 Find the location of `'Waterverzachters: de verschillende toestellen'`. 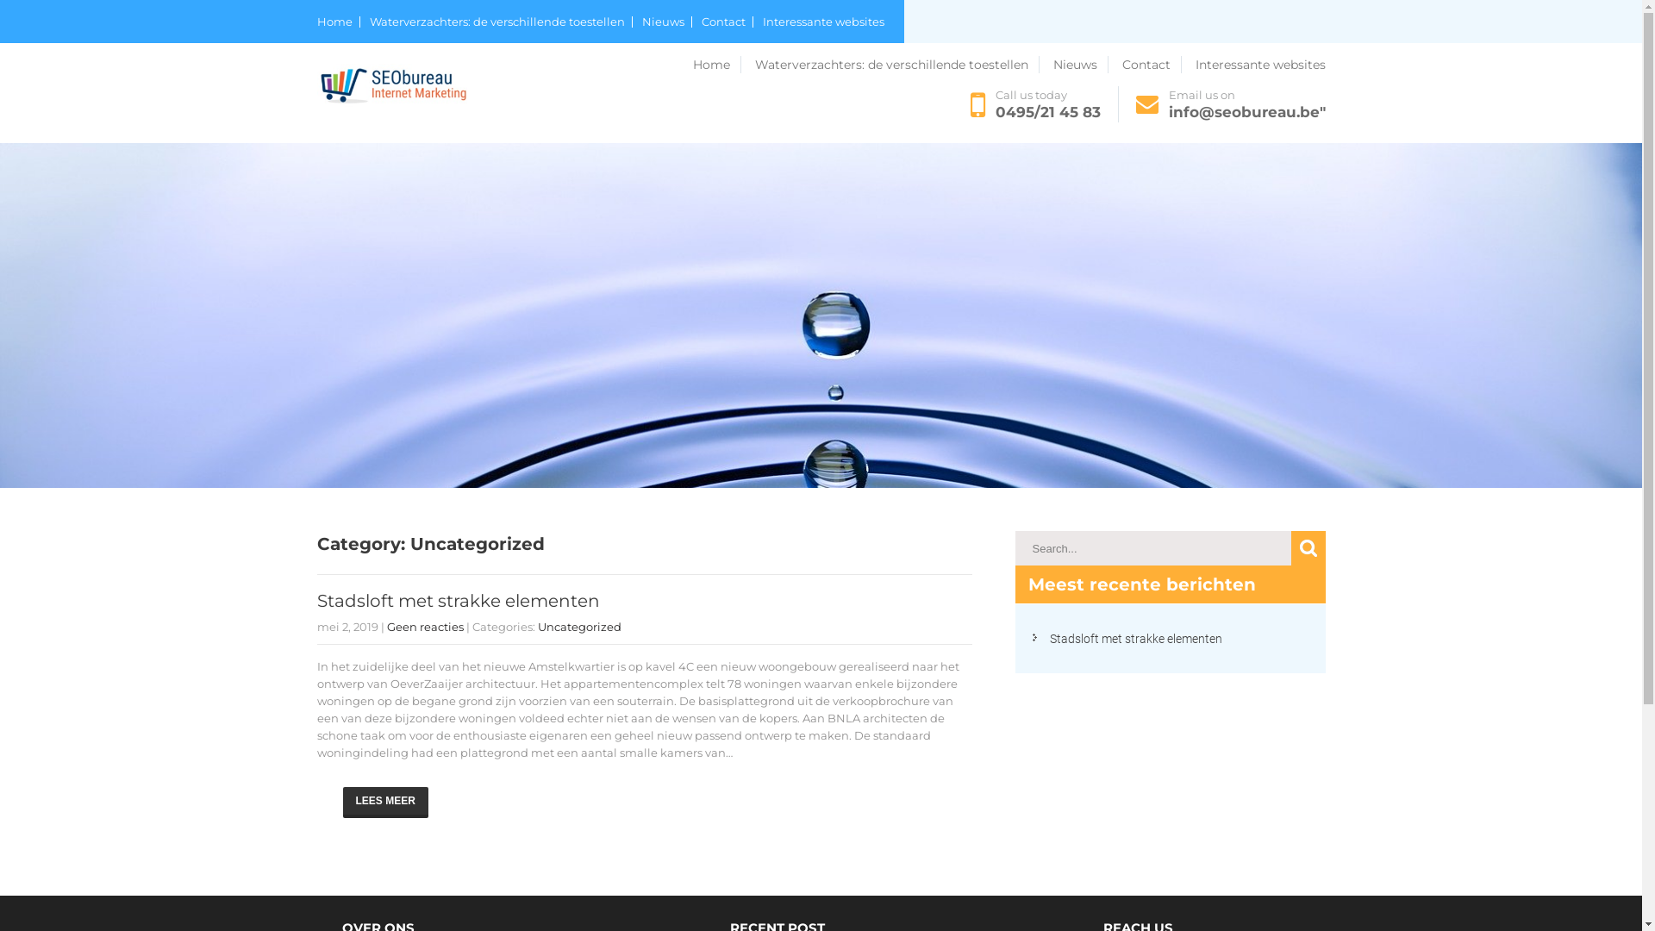

'Waterverzachters: de verschillende toestellen' is located at coordinates (896, 63).